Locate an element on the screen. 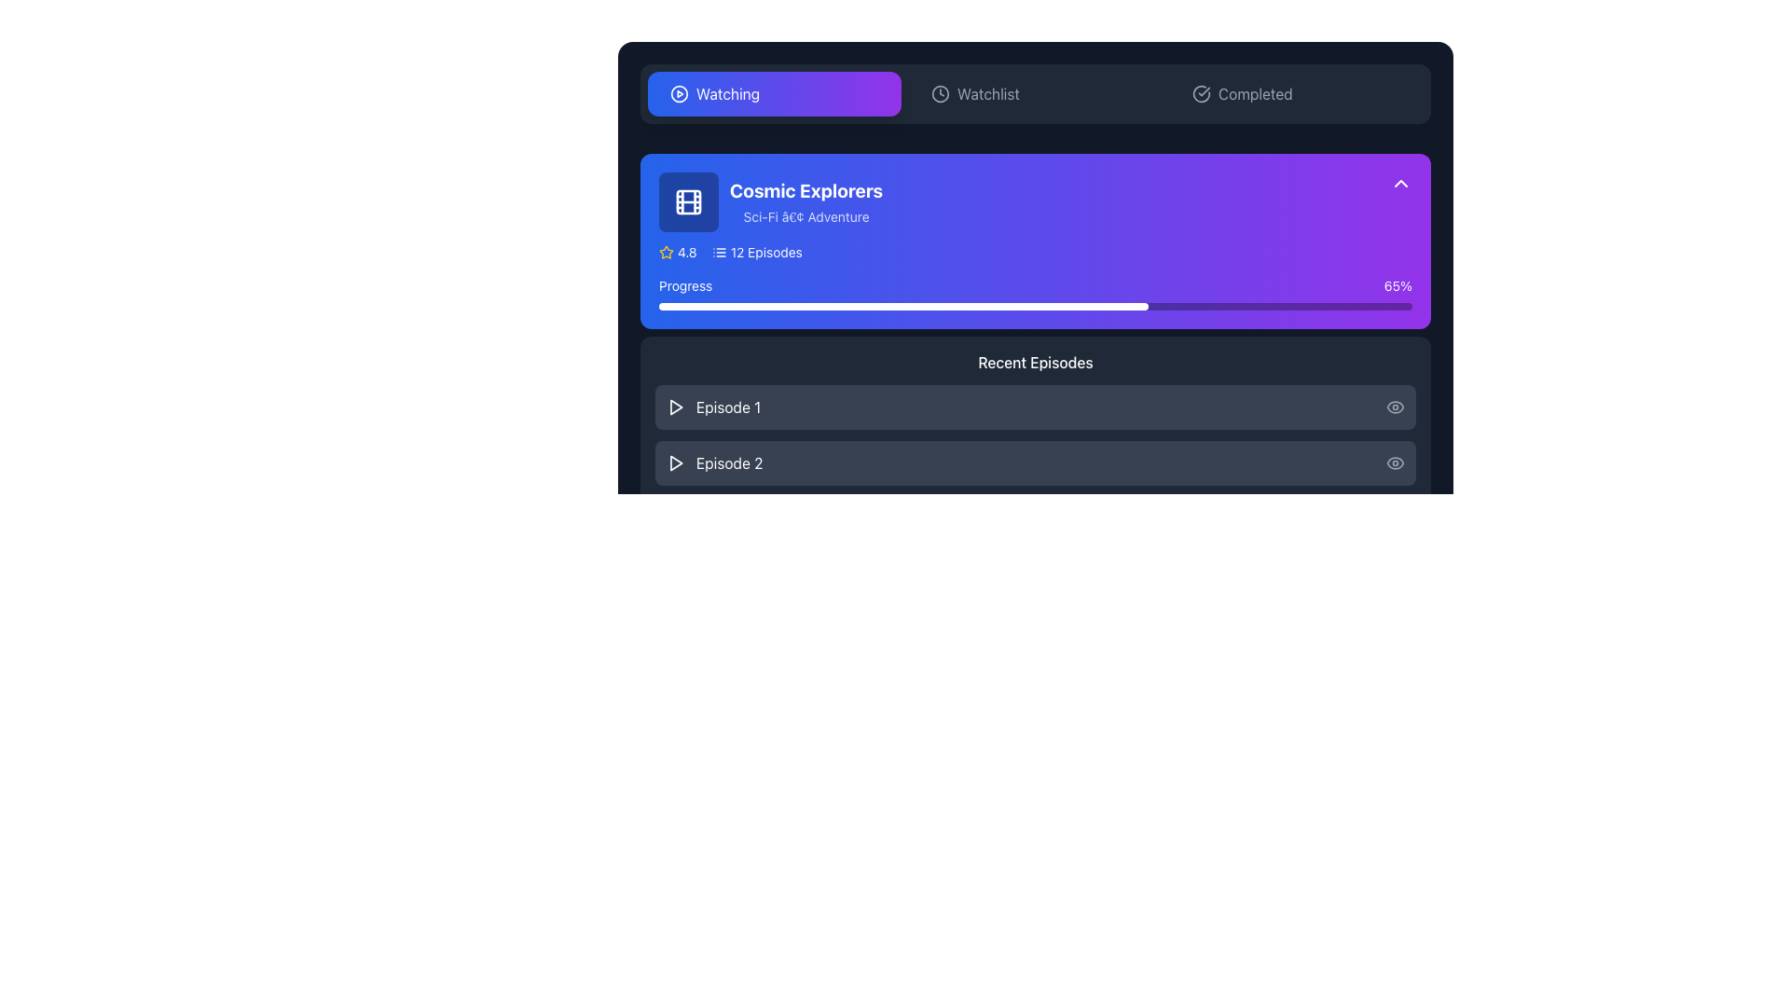 The height and width of the screenshot is (1007, 1790). the static text label element displaying 'Sci-Fi • Adventure', which is positioned below 'Cosmic Explorers' and is part of the media item section is located at coordinates (806, 215).